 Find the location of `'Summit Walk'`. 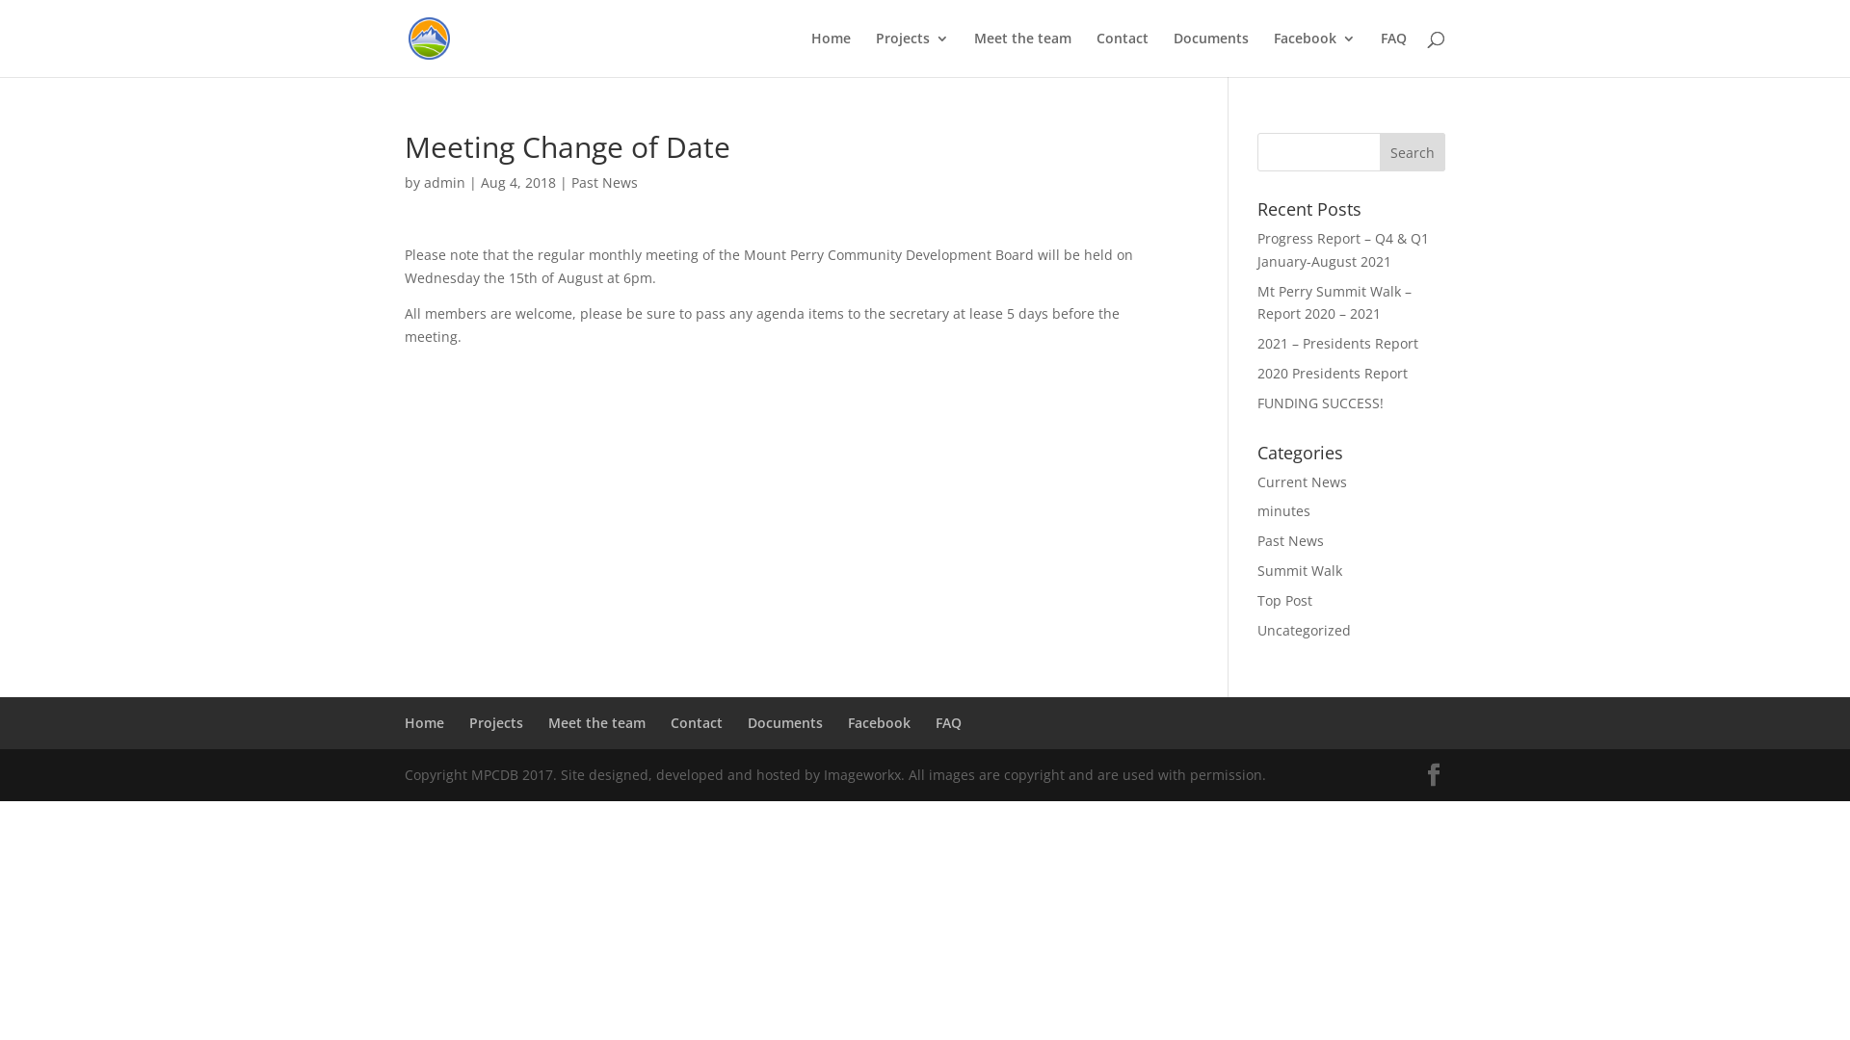

'Summit Walk' is located at coordinates (1299, 569).